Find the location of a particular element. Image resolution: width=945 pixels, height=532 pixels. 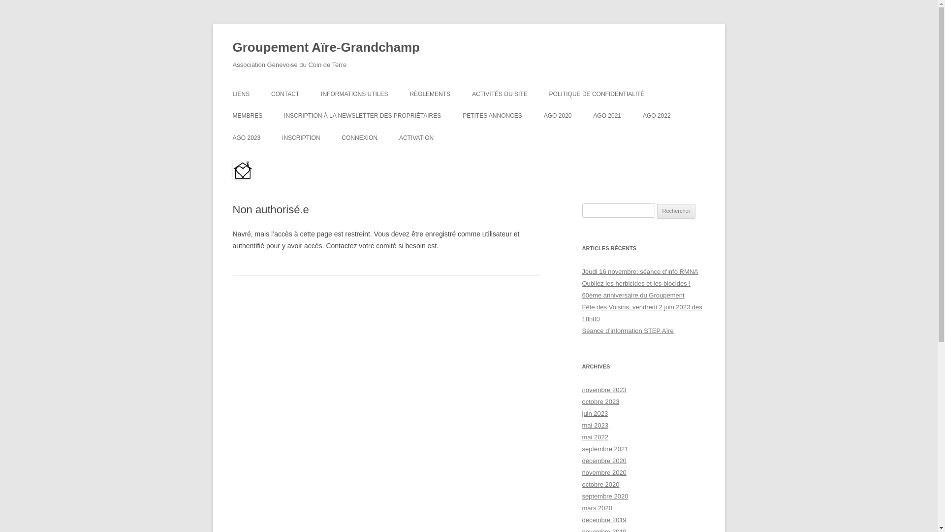

'CONTACT' is located at coordinates (284, 94).